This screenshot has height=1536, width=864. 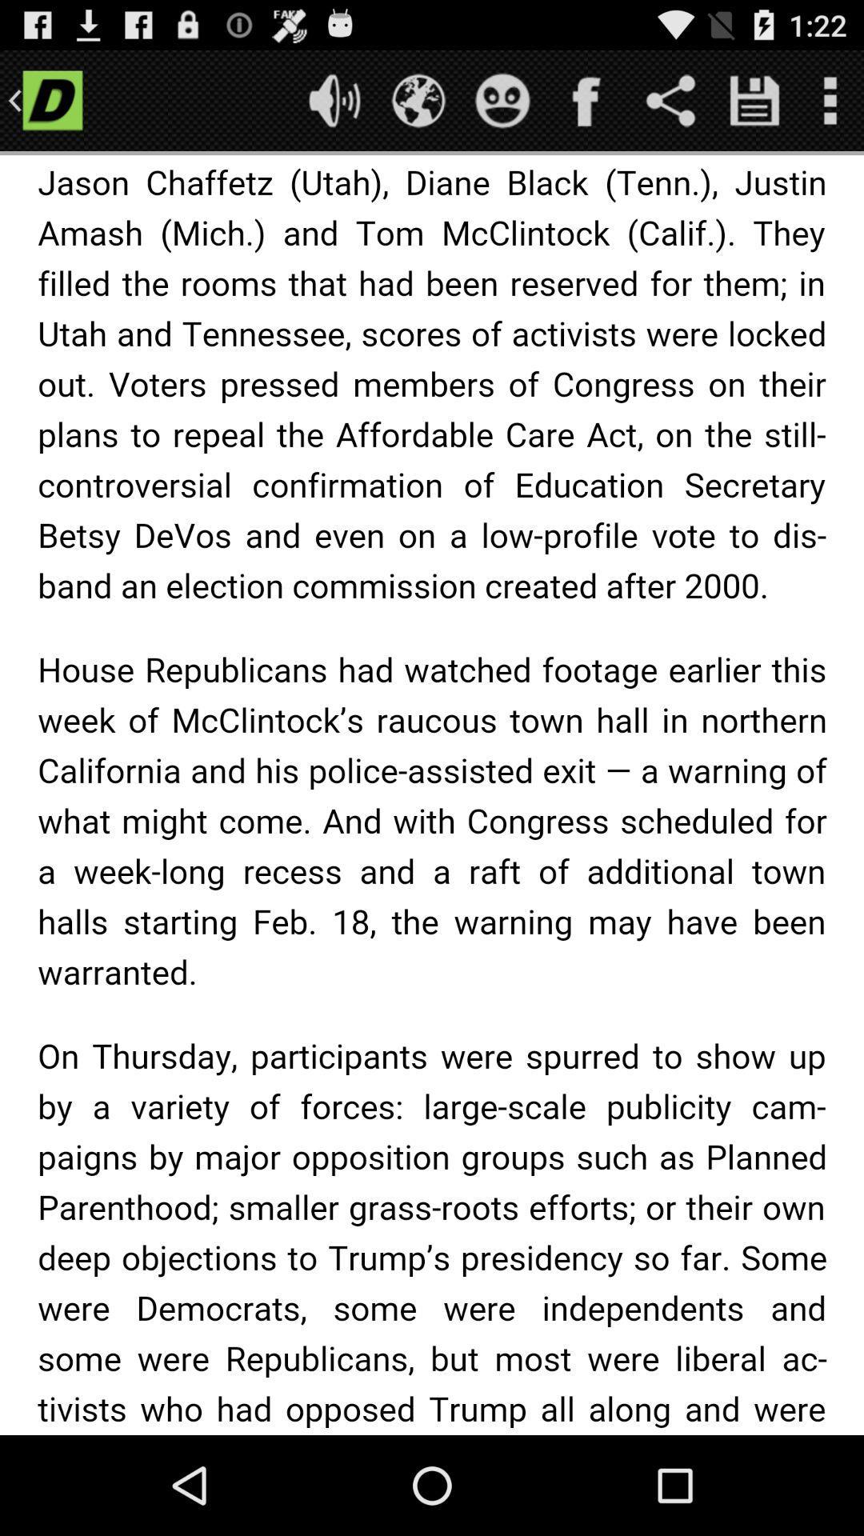 I want to click on options menu, so click(x=829, y=99).